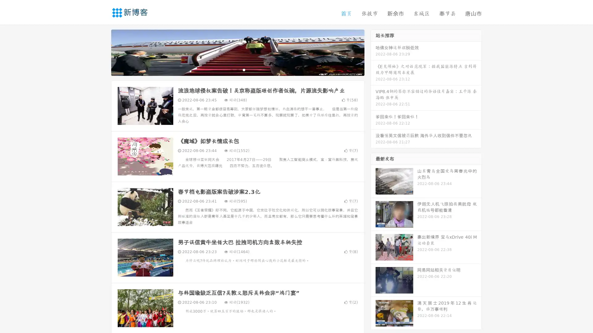 The width and height of the screenshot is (593, 333). Describe the element at coordinates (373, 52) in the screenshot. I see `Next slide` at that location.